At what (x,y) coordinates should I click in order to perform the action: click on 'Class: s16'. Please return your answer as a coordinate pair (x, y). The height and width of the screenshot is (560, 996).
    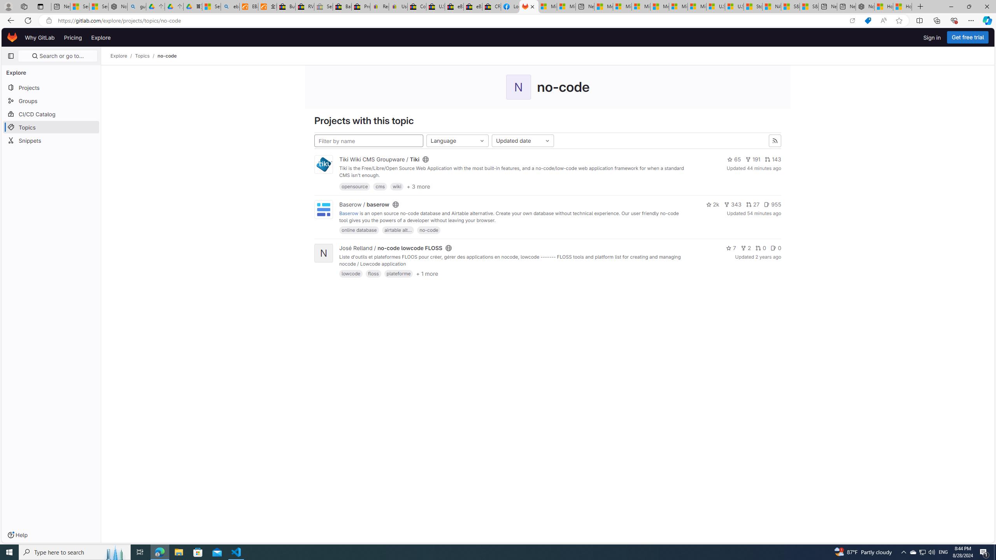
    Looking at the image, I should click on (449, 248).